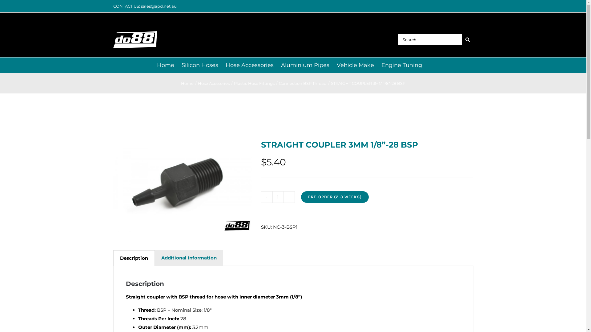 Image resolution: width=591 pixels, height=332 pixels. I want to click on 'Aluminium Pipes', so click(305, 65).